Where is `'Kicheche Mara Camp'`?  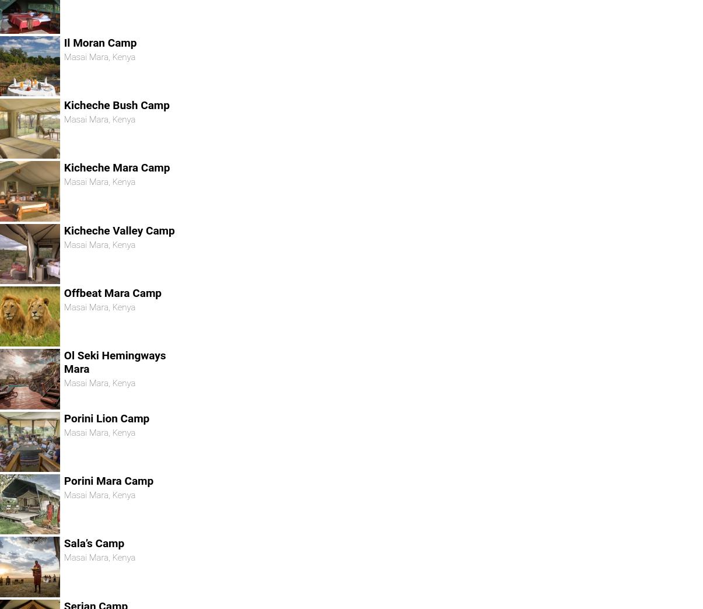
'Kicheche Mara Camp' is located at coordinates (116, 167).